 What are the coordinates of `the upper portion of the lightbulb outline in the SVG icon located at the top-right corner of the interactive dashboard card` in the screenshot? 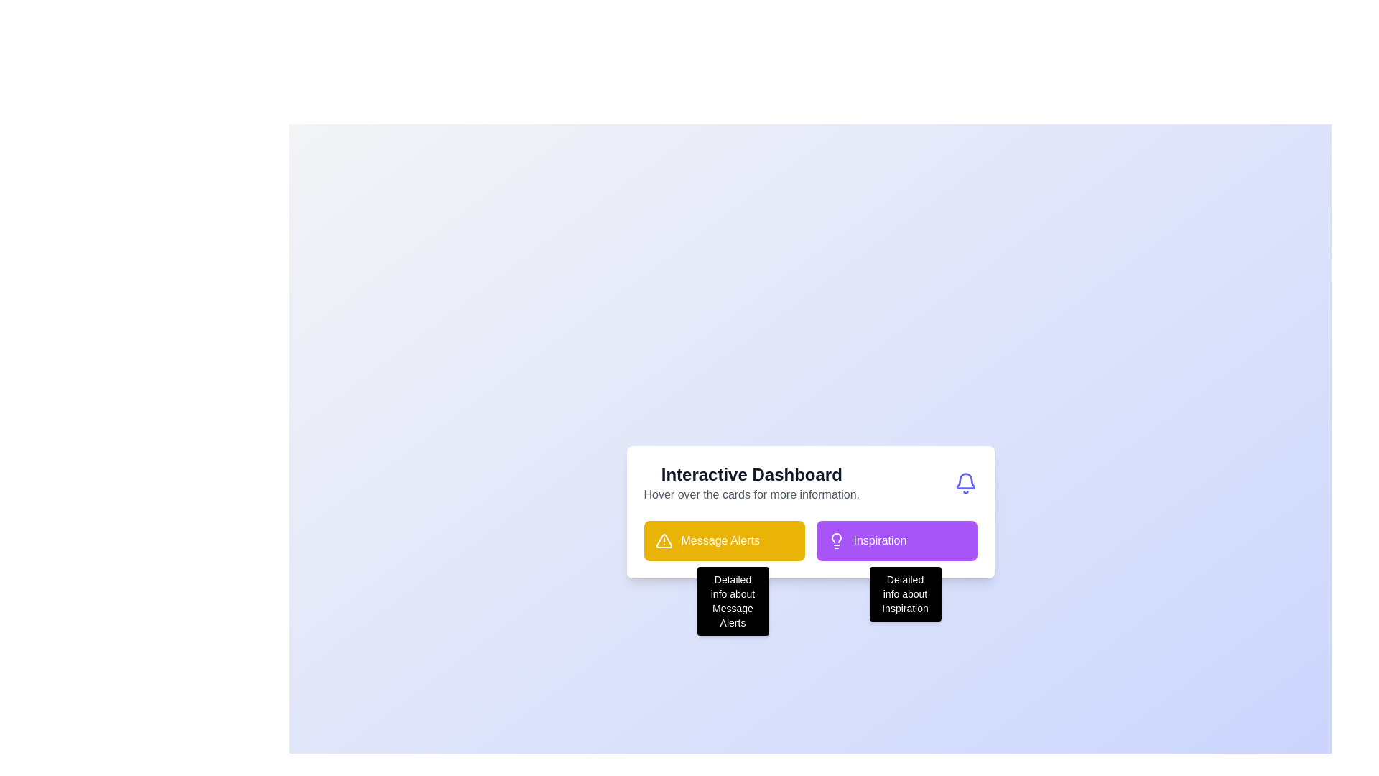 It's located at (836, 537).